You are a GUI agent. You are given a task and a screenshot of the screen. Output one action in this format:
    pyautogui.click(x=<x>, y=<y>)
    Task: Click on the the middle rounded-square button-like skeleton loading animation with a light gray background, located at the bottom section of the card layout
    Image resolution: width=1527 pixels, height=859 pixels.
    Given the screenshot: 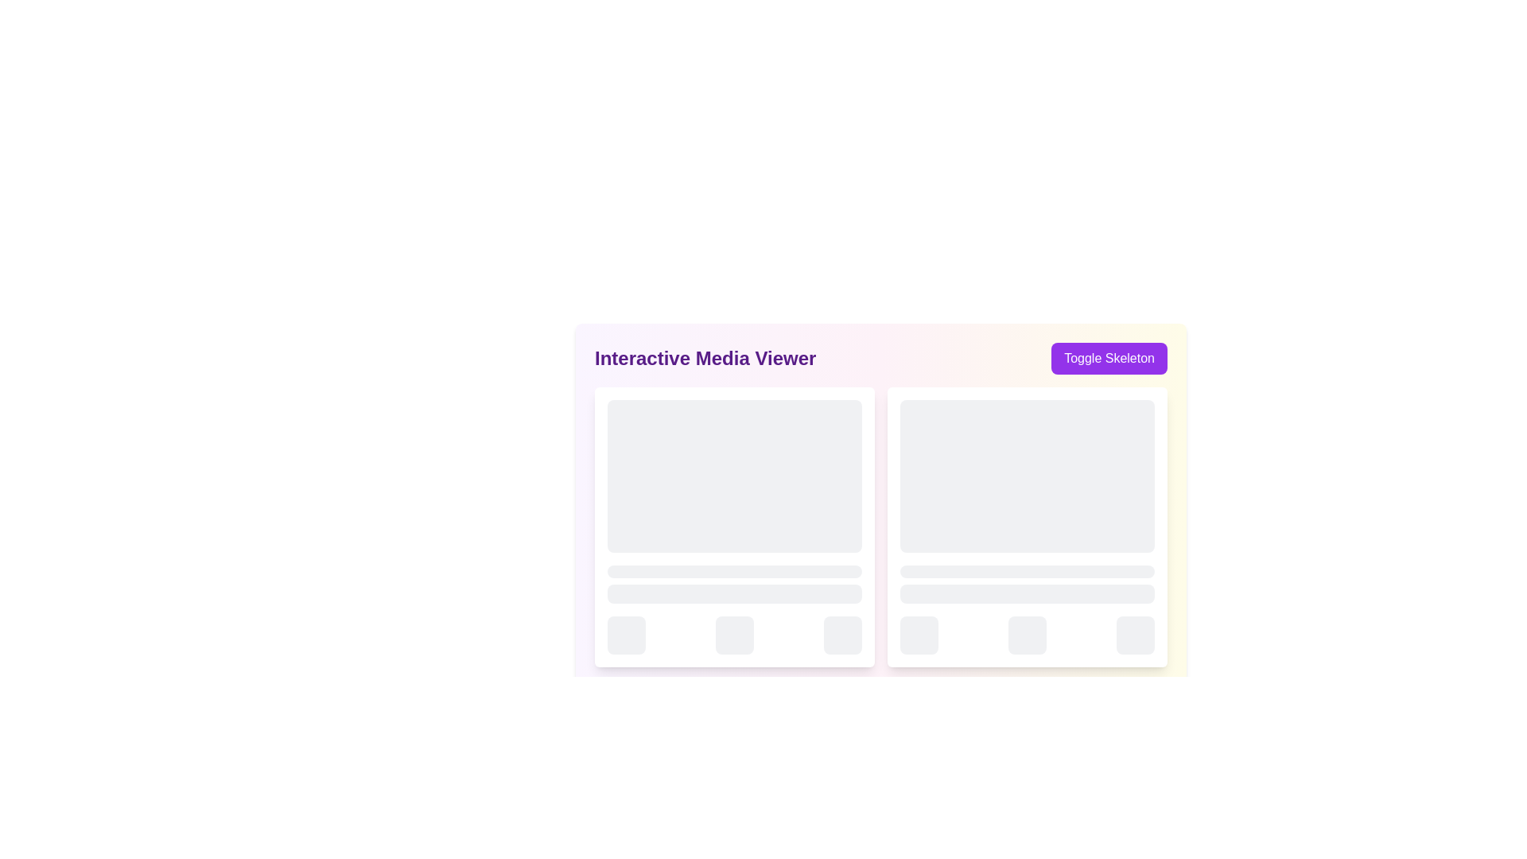 What is the action you would take?
    pyautogui.click(x=734, y=634)
    